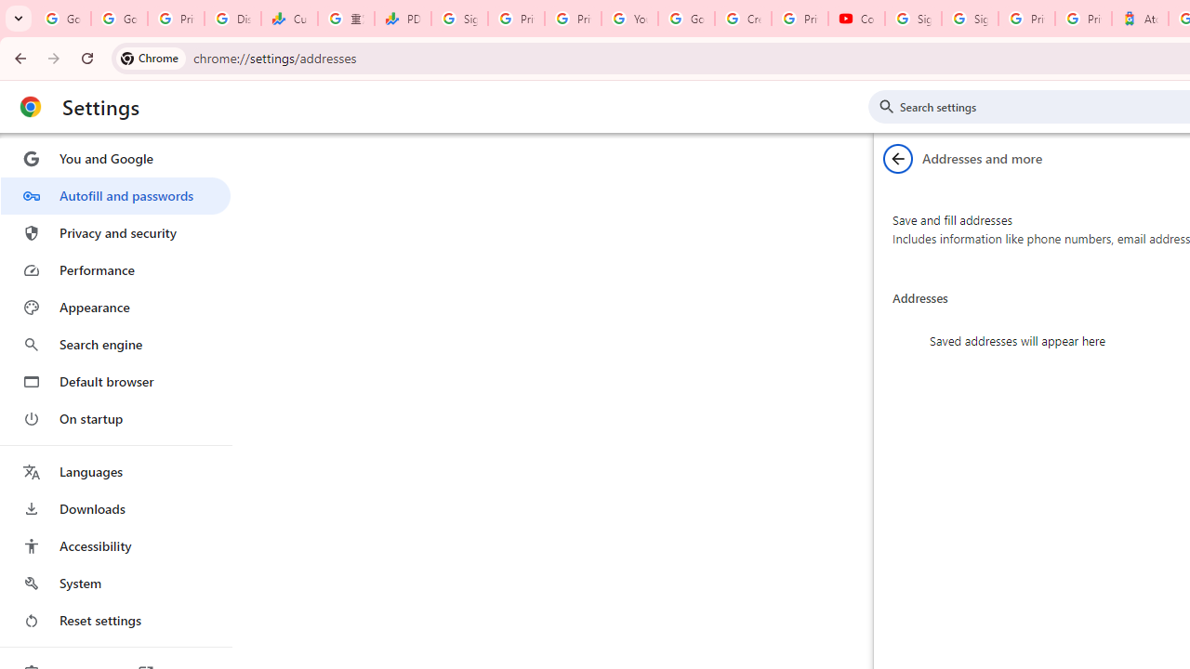  I want to click on 'Content Creator Programs & Opportunities - YouTube Creators', so click(855, 19).